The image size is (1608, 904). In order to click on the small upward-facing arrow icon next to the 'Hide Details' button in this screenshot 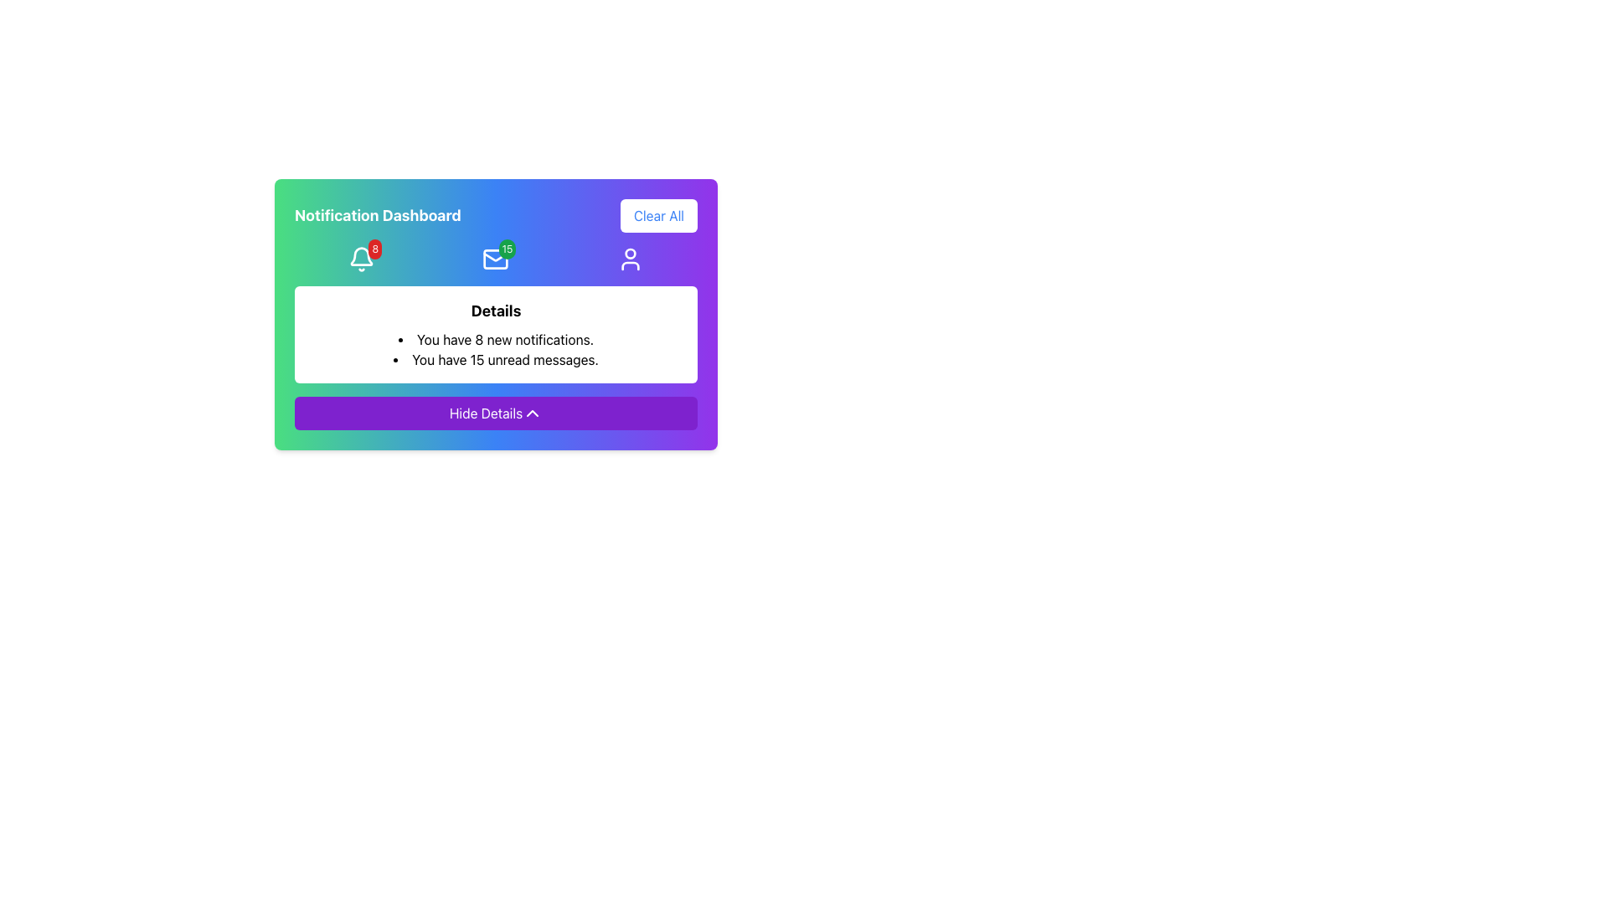, I will do `click(532, 413)`.